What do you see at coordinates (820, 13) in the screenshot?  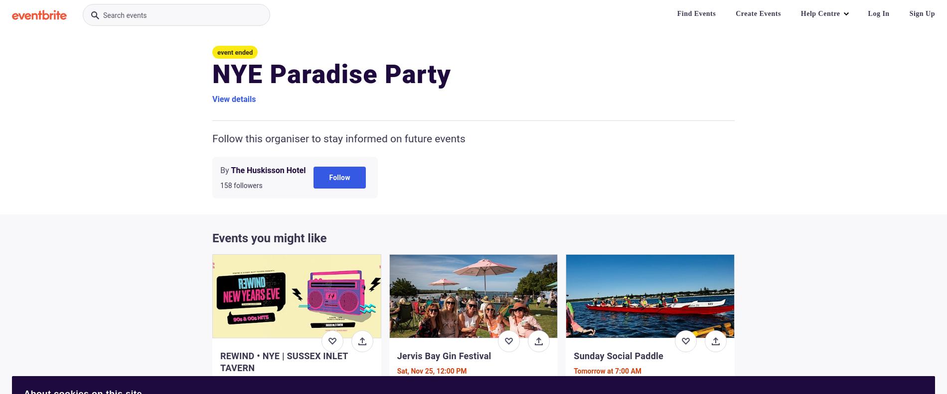 I see `'Help Centre'` at bounding box center [820, 13].